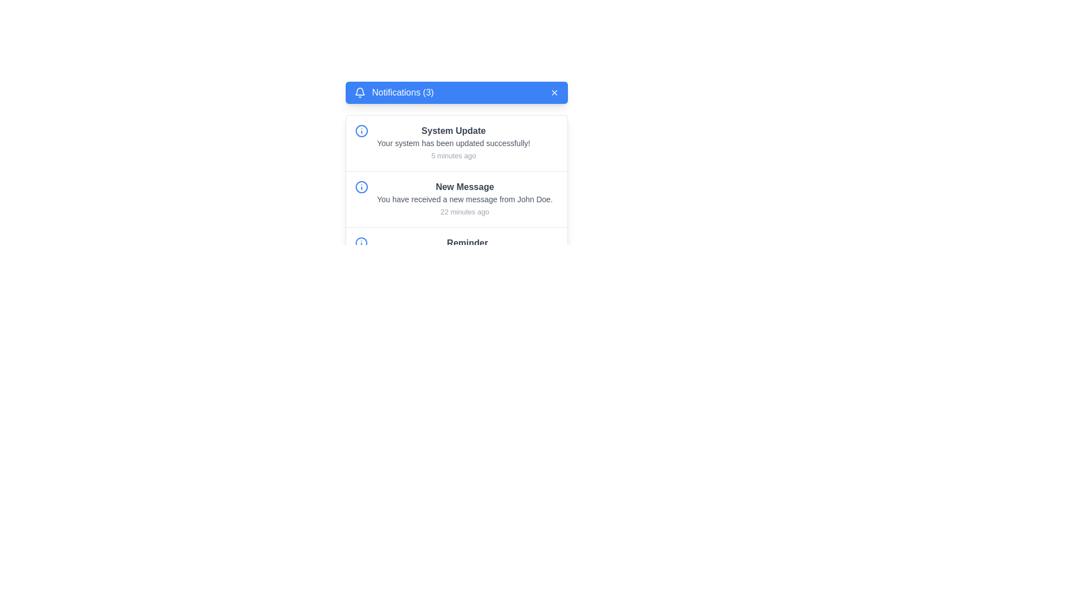 Image resolution: width=1067 pixels, height=600 pixels. Describe the element at coordinates (465, 212) in the screenshot. I see `the timestamp text label located in the second notification card titled 'New Message', which provides auxiliary detail for the user` at that location.